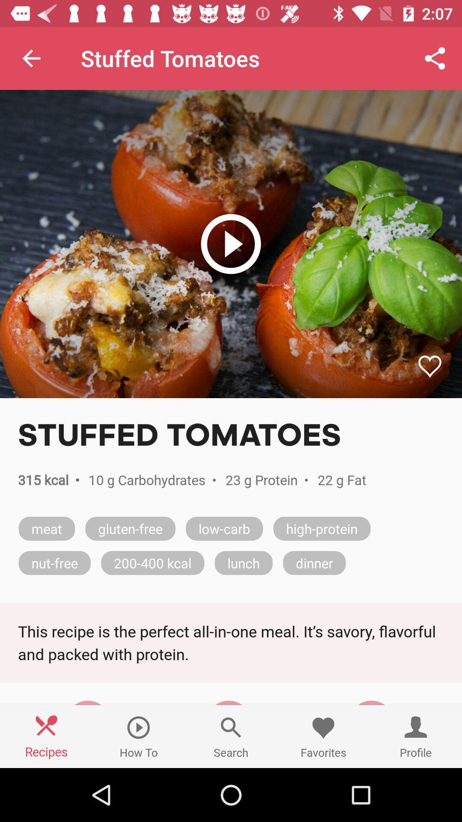  Describe the element at coordinates (31, 58) in the screenshot. I see `the item to the left of the stuffed tomatoes item` at that location.